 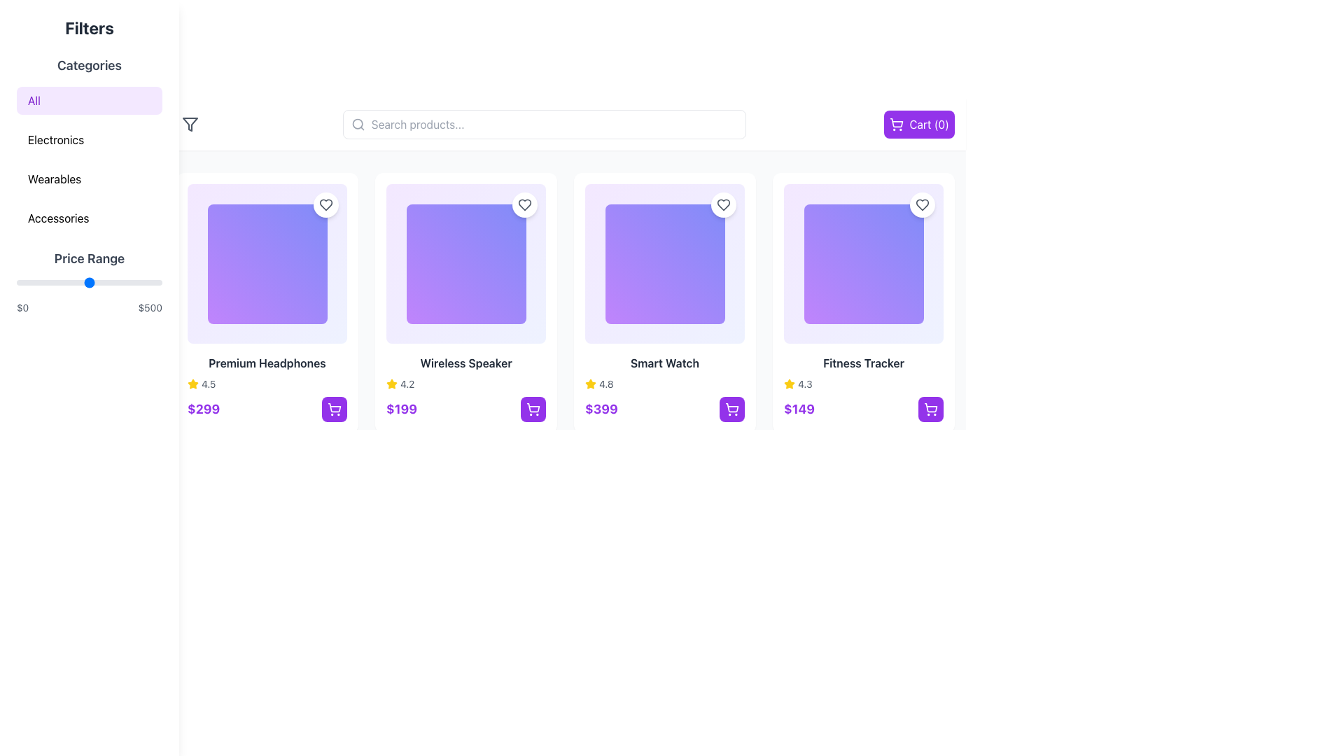 I want to click on the price range slider, so click(x=97, y=283).